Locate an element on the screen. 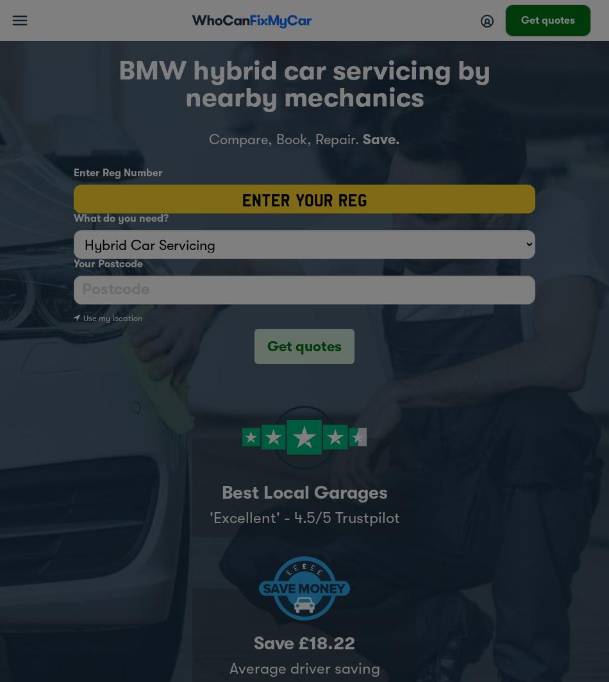  'Enter Reg Number' is located at coordinates (118, 173).